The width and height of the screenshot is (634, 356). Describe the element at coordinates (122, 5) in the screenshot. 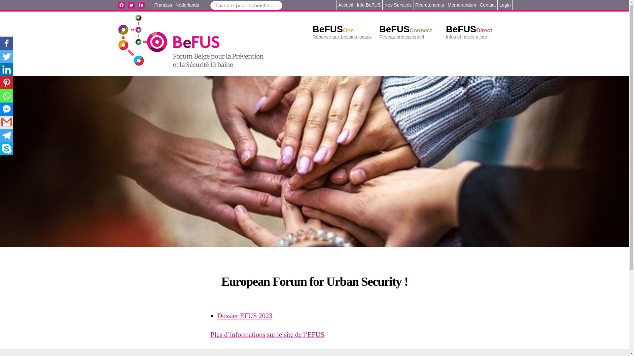

I see `'facebook'` at that location.